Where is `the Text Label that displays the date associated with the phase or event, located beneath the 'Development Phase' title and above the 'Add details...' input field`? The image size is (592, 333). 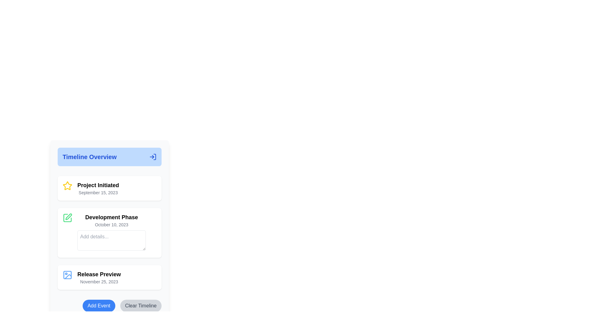 the Text Label that displays the date associated with the phase or event, located beneath the 'Development Phase' title and above the 'Add details...' input field is located at coordinates (111, 225).